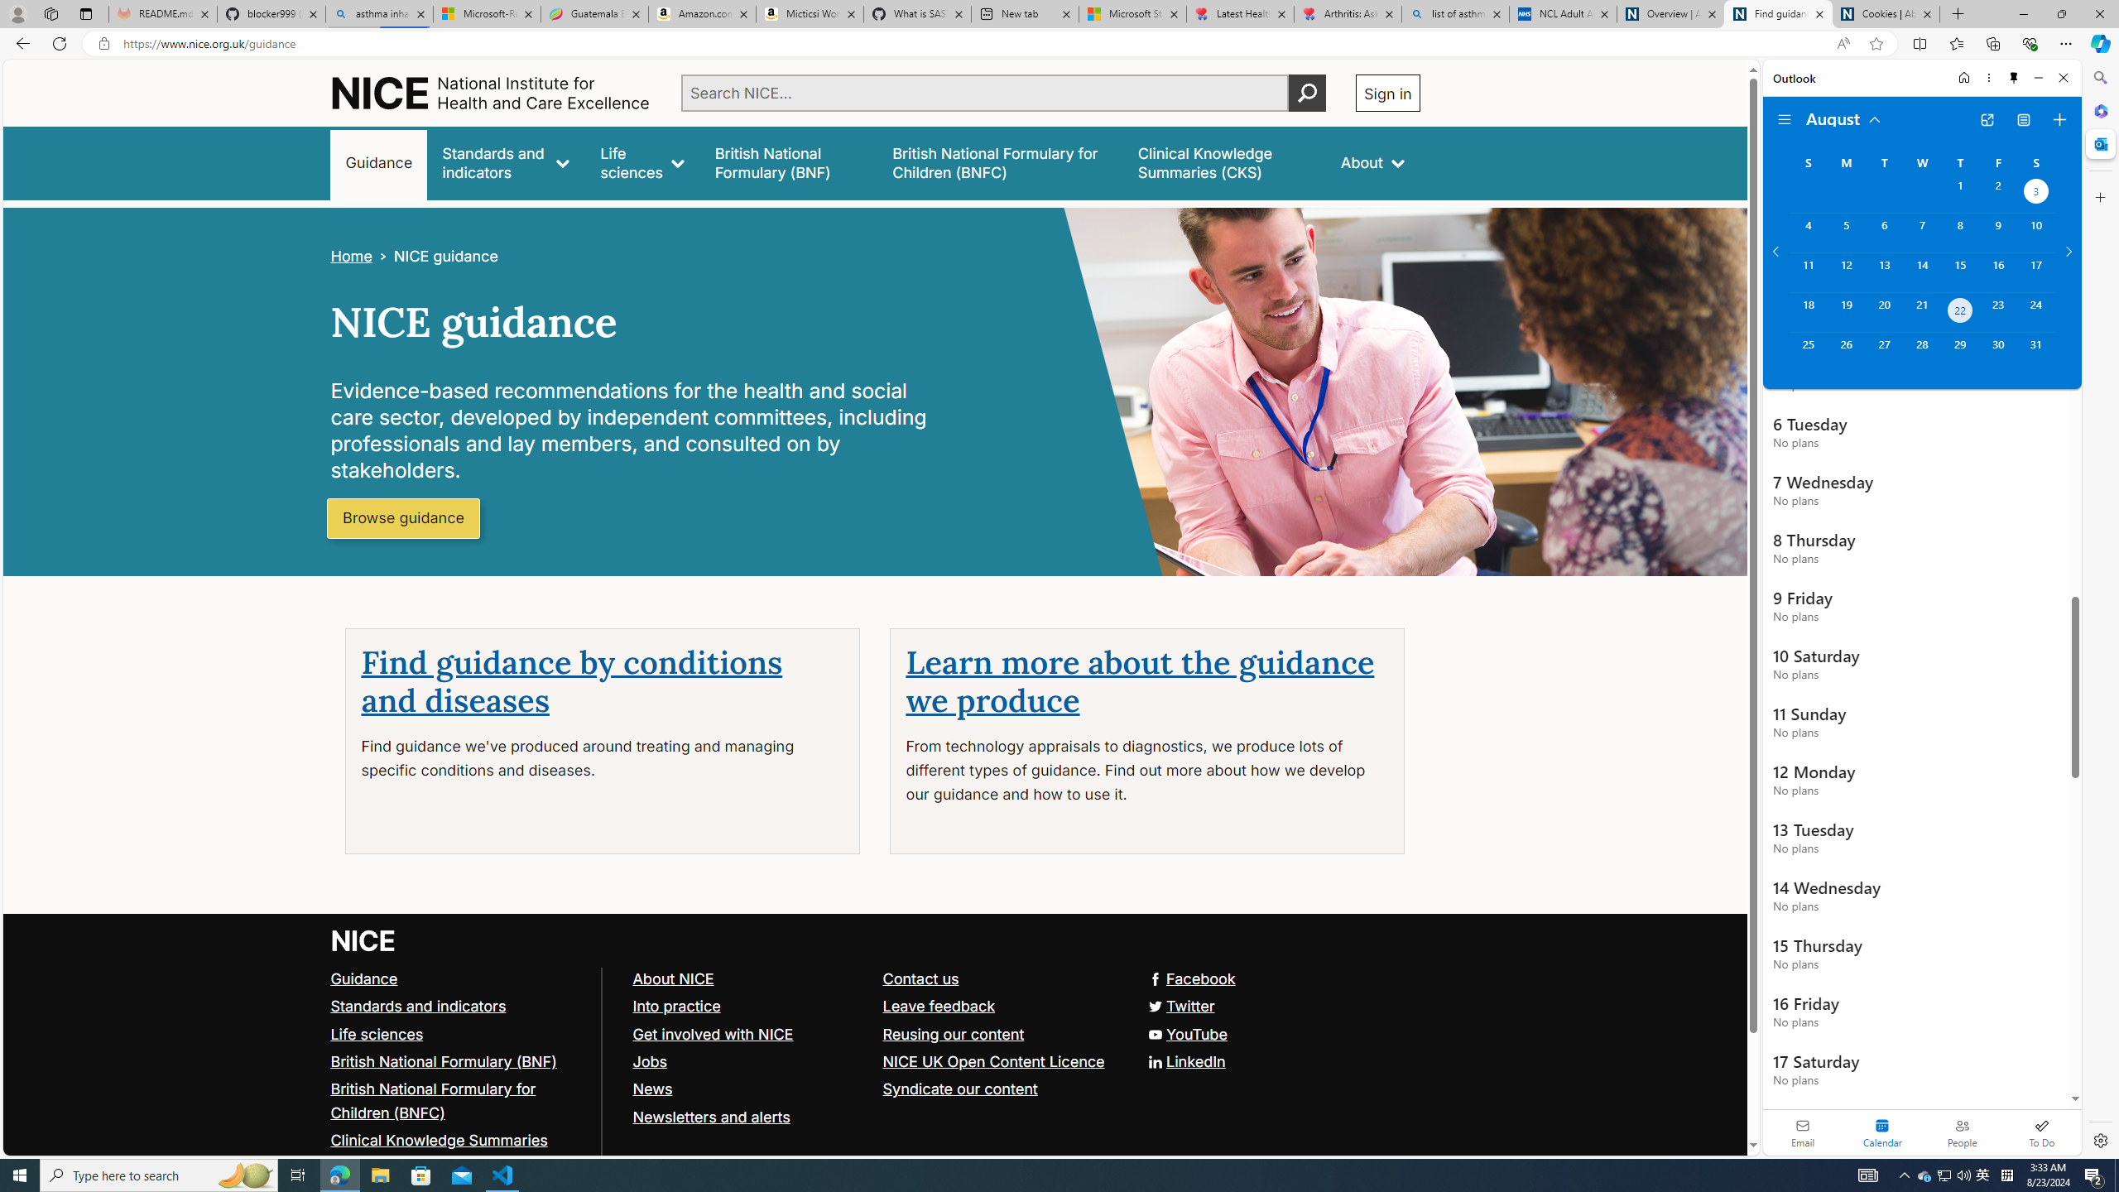 This screenshot has height=1192, width=2119. Describe the element at coordinates (2035, 311) in the screenshot. I see `'Saturday, August 24, 2024. '` at that location.